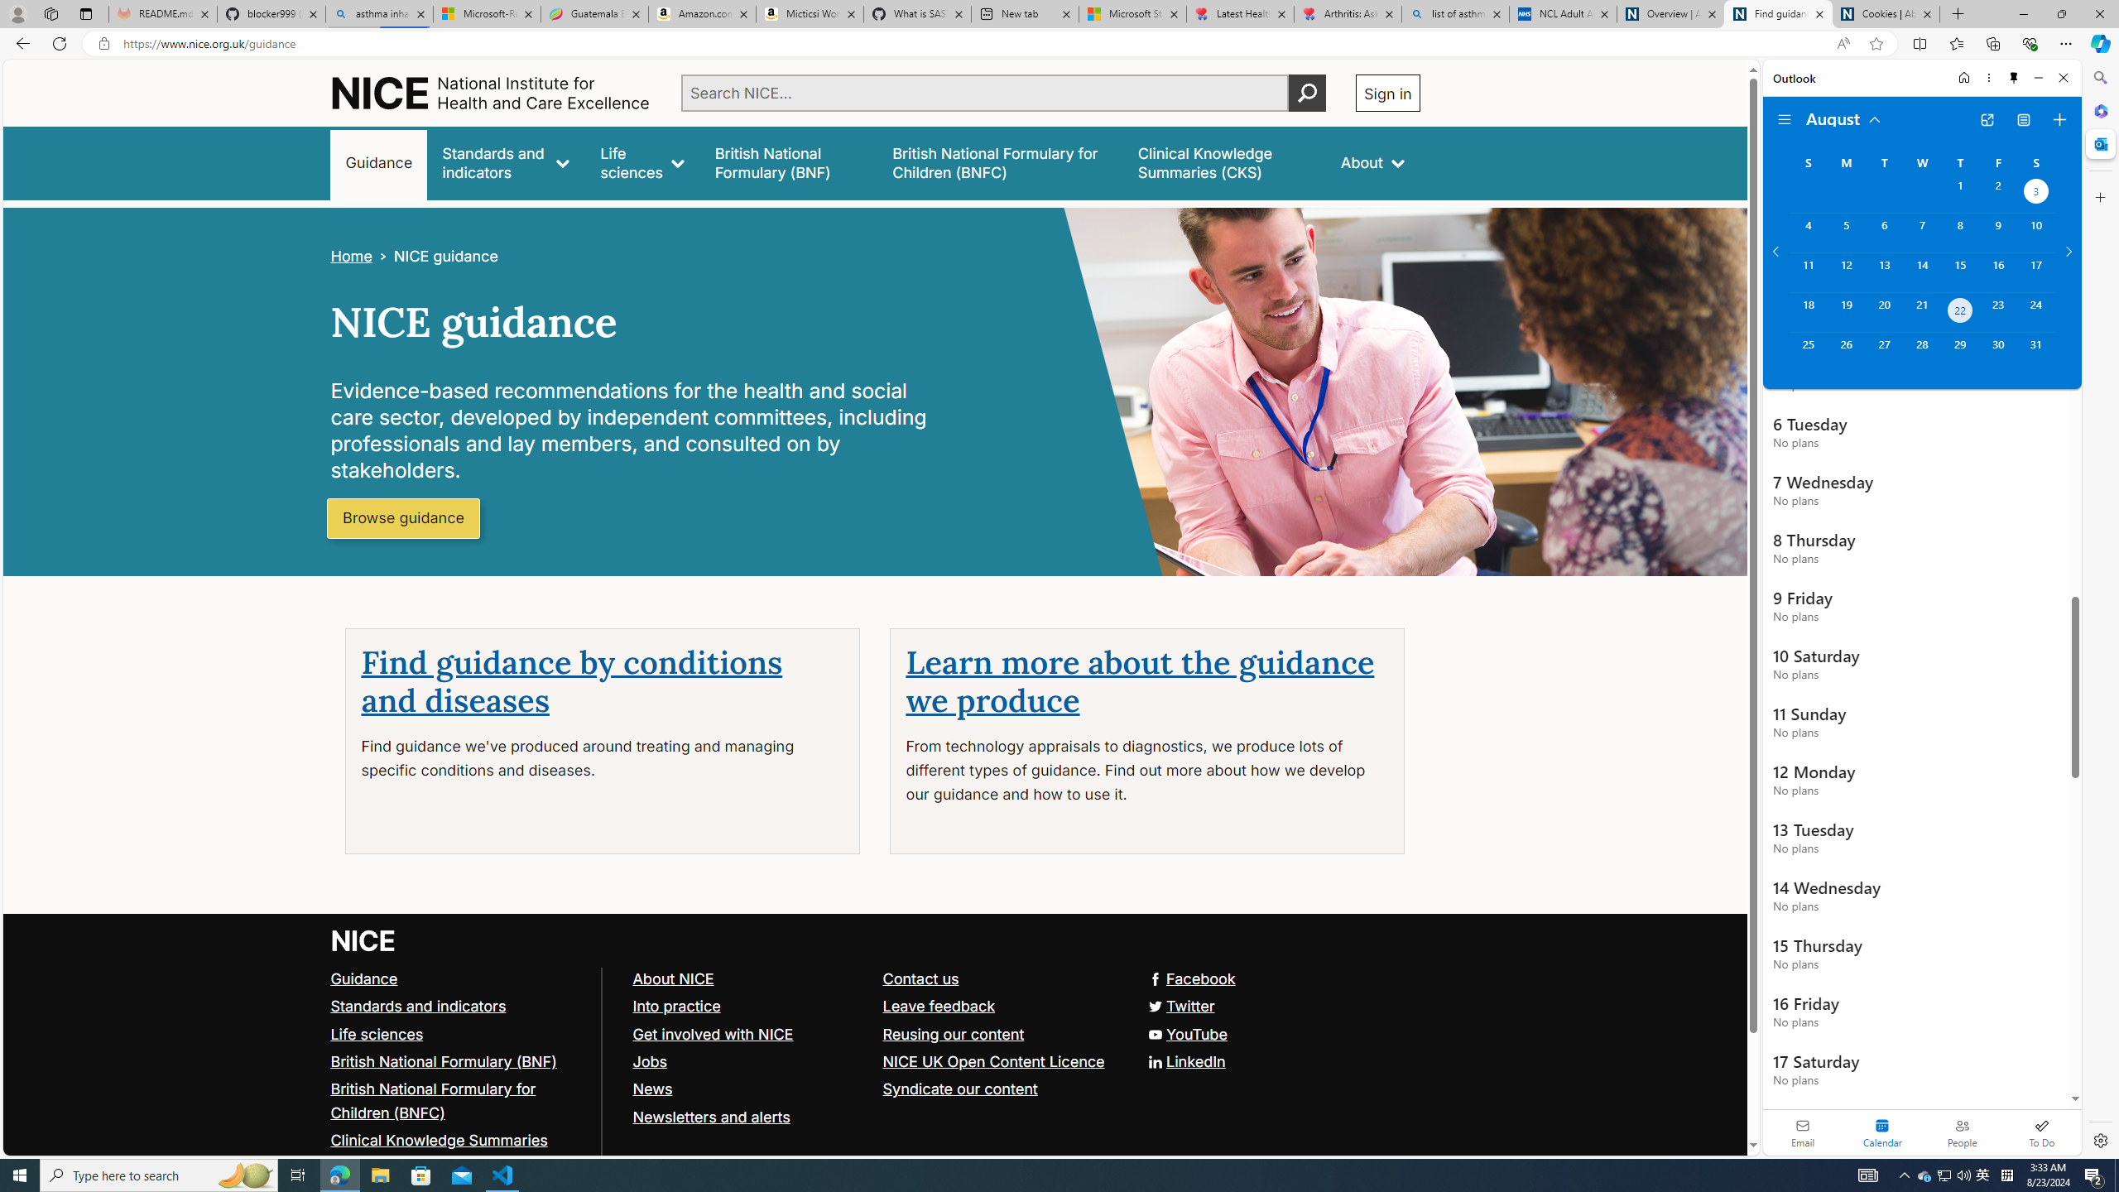 This screenshot has height=1192, width=2119. Describe the element at coordinates (2035, 311) in the screenshot. I see `'Saturday, August 24, 2024. '` at that location.